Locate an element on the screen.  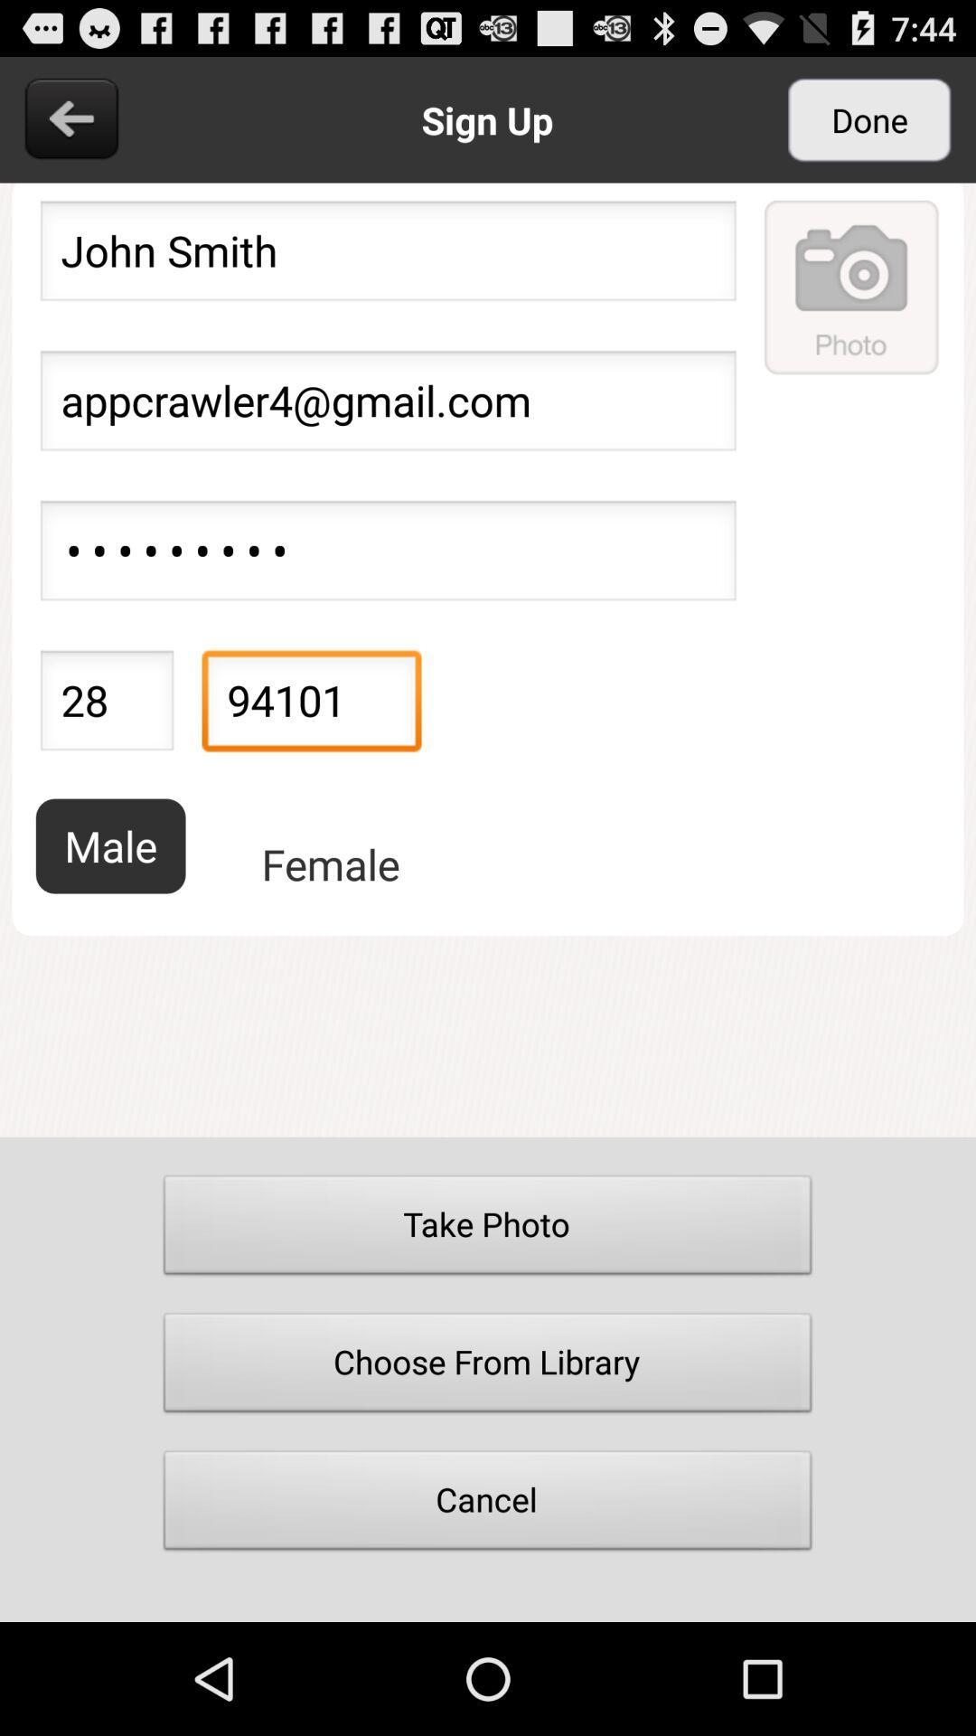
attach photo is located at coordinates (852, 286).